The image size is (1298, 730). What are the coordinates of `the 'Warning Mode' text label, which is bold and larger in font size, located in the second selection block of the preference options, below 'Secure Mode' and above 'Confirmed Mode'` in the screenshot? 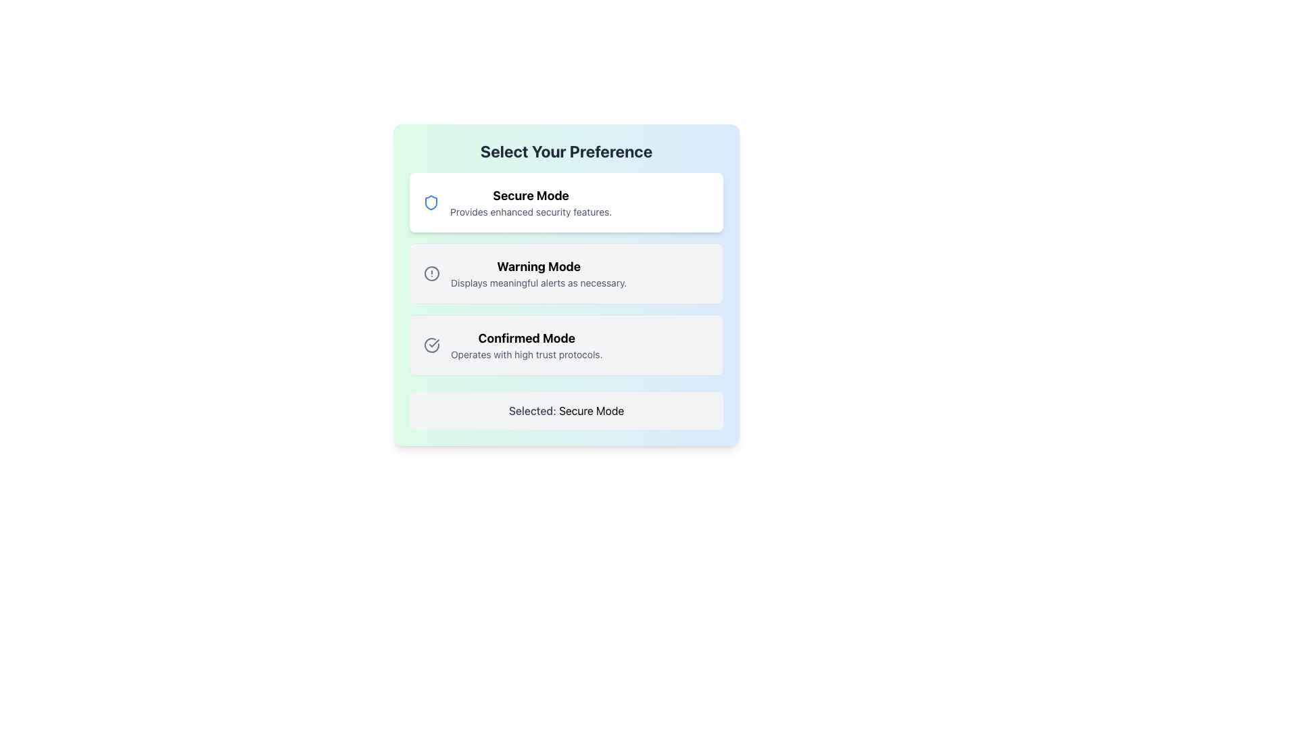 It's located at (538, 266).